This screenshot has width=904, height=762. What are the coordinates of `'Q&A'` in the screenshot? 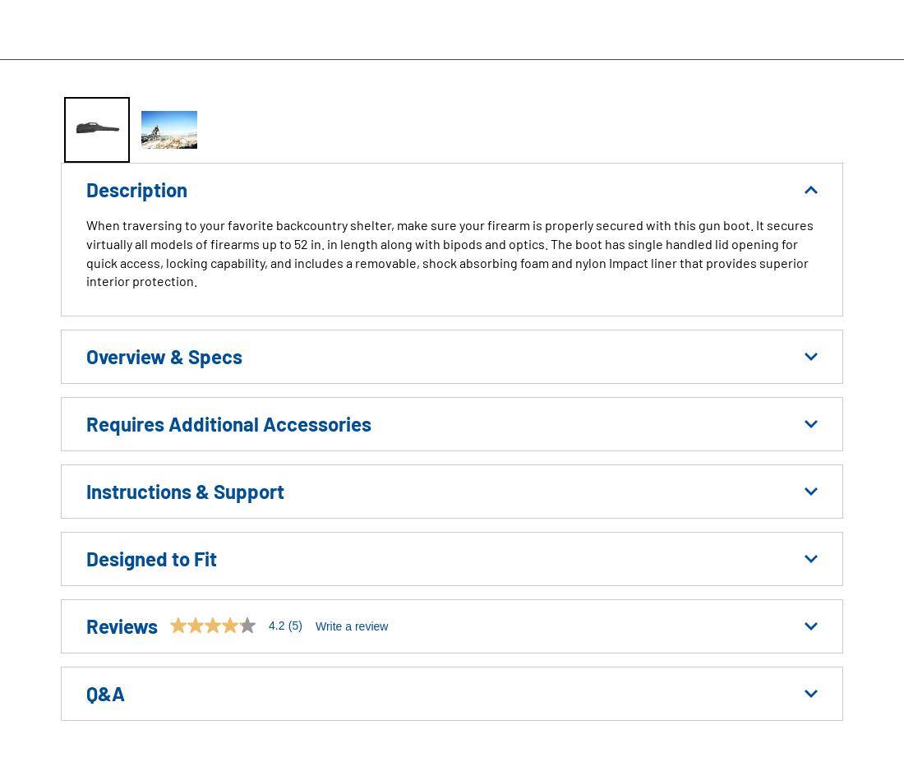 It's located at (105, 693).